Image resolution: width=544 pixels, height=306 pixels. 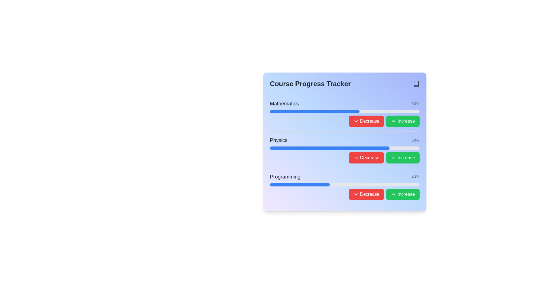 What do you see at coordinates (415, 104) in the screenshot?
I see `the static text that indicates the progress percentage for the Mathematics subject, located to the right of the Mathematics label and aligned with the progress bar` at bounding box center [415, 104].